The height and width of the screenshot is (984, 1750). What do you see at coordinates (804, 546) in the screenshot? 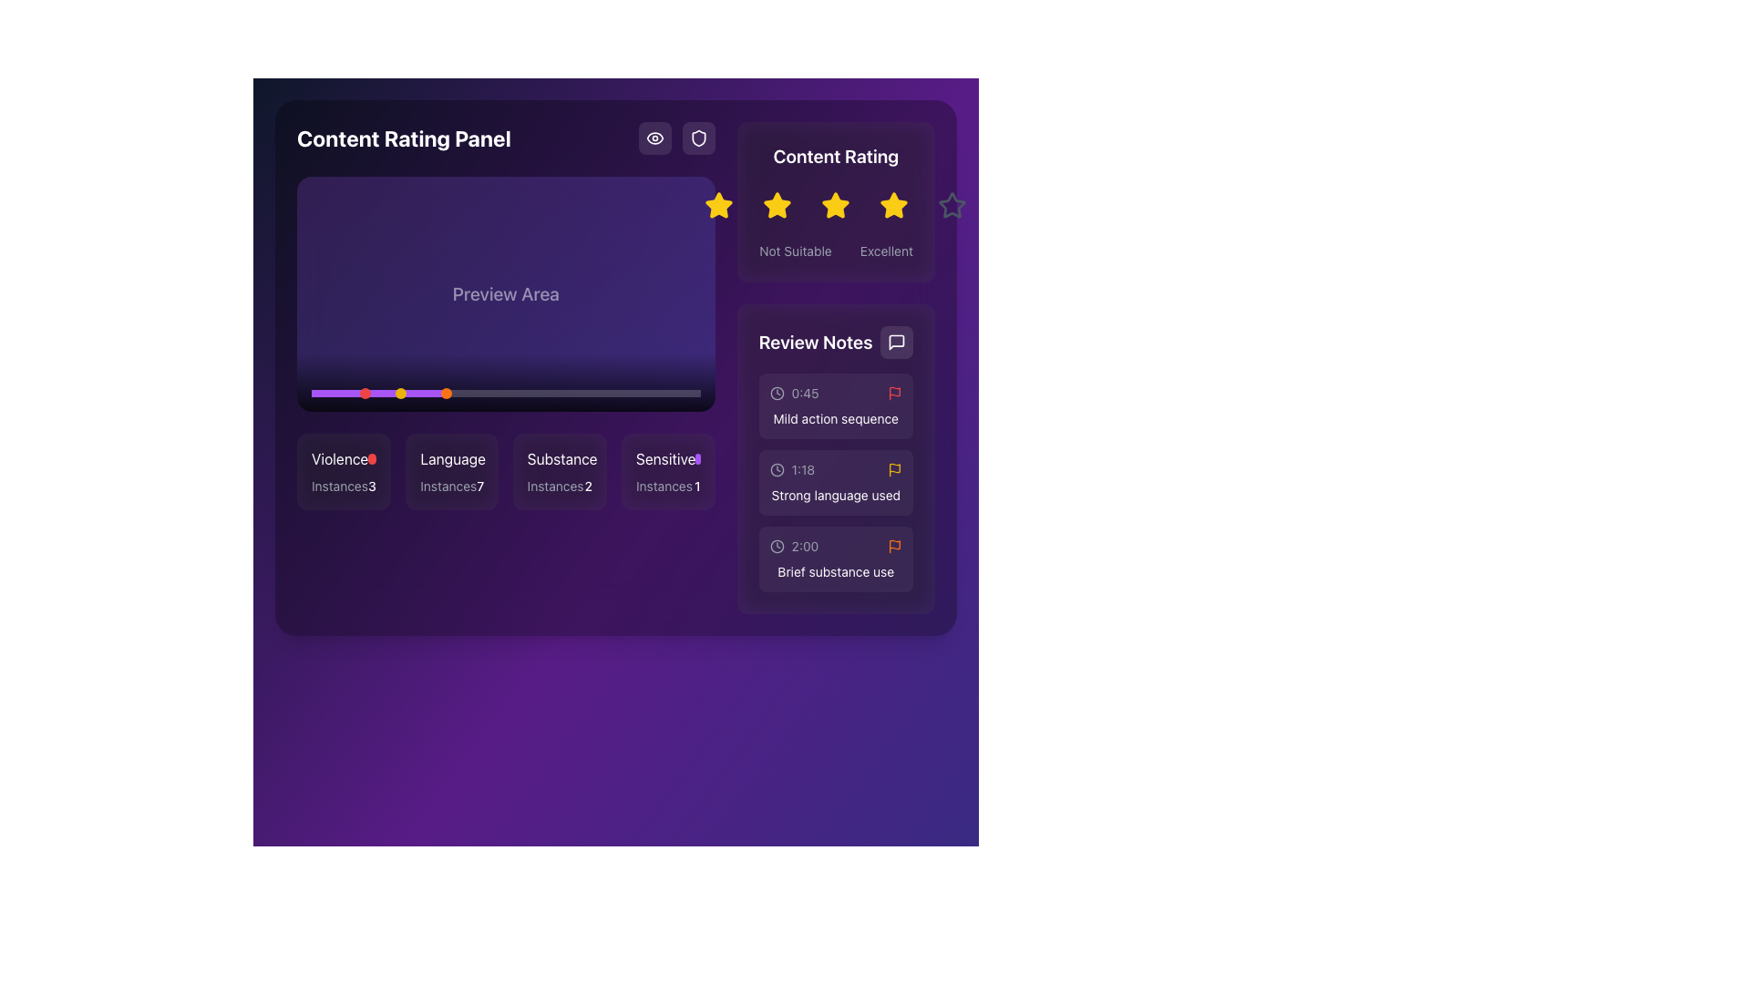
I see `the static text label displaying a timestamp in the 'Review Notes' section, which is the last entry in the list adjacent to 'Brief substance use'` at bounding box center [804, 546].